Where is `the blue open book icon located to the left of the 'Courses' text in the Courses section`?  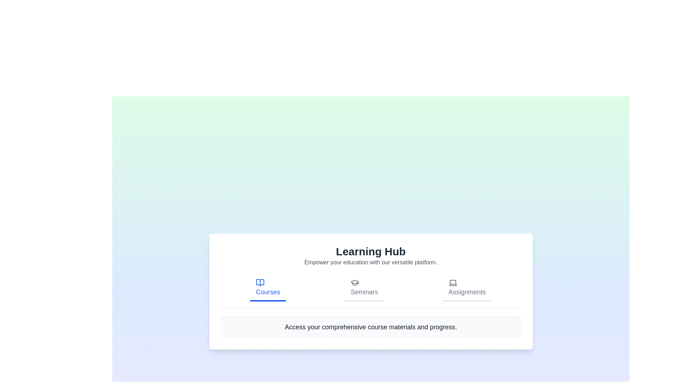
the blue open book icon located to the left of the 'Courses' text in the Courses section is located at coordinates (260, 282).